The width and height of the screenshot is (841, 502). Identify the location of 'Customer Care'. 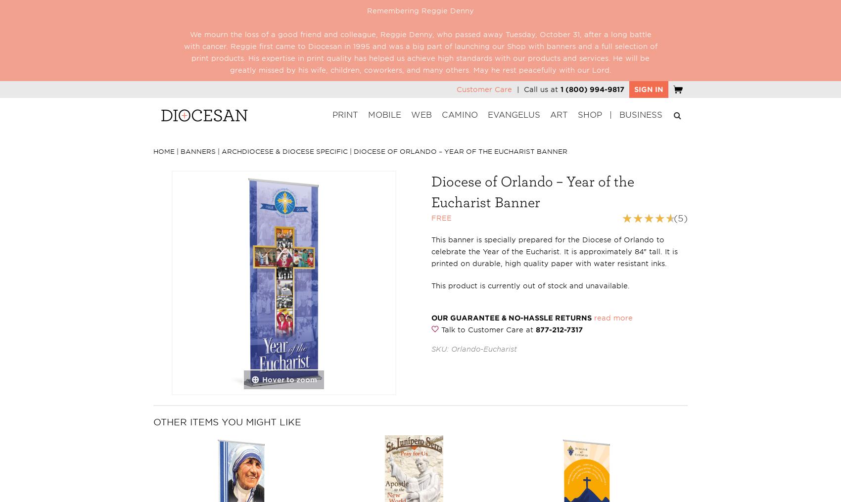
(484, 89).